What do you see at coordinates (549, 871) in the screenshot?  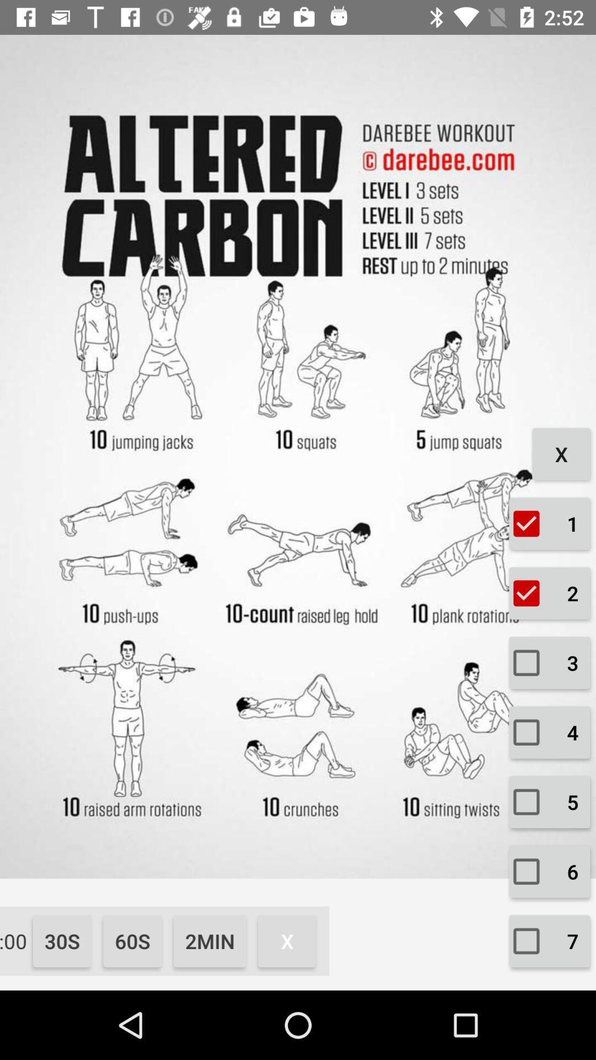 I see `the second button and text which is at the bottom right corner` at bounding box center [549, 871].